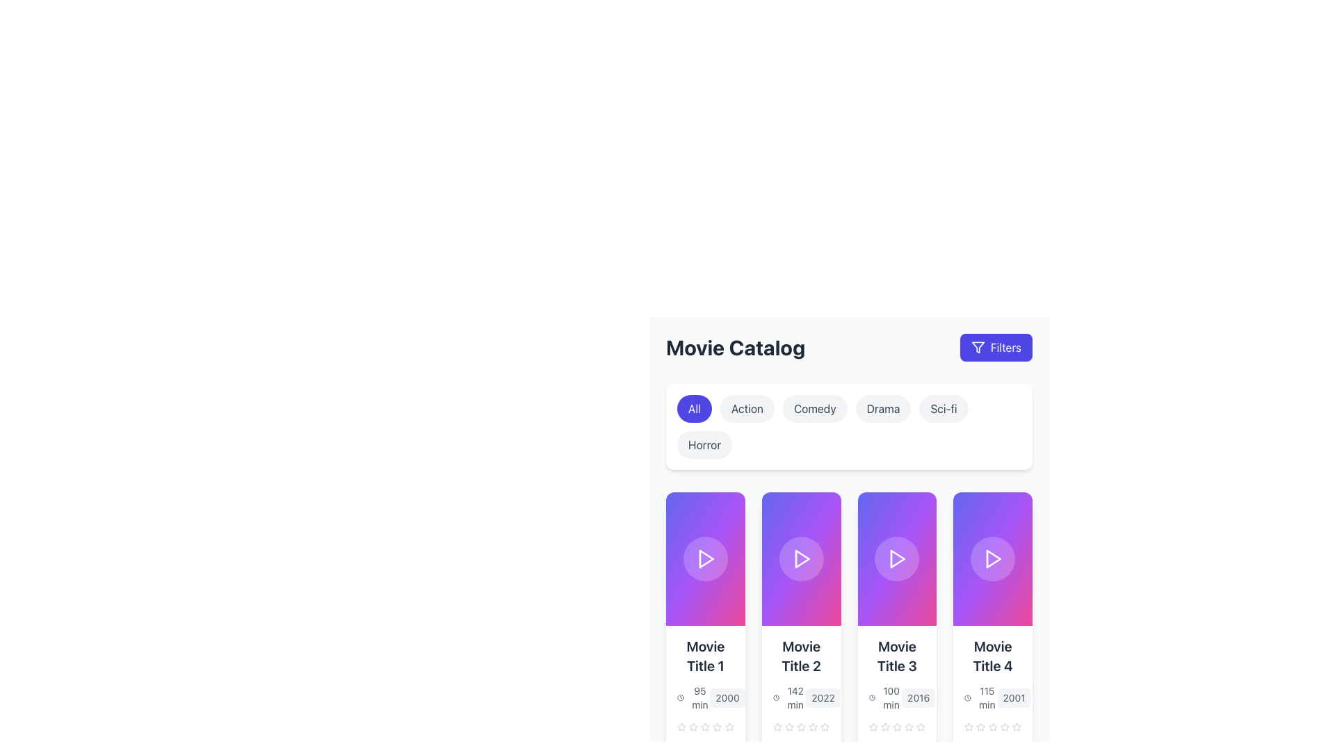 This screenshot has height=751, width=1335. Describe the element at coordinates (977, 347) in the screenshot. I see `the funnel icon located in the top-right corner of the interface, which is part of the 'Filters' button structure near the 'Movie Catalog' header` at that location.